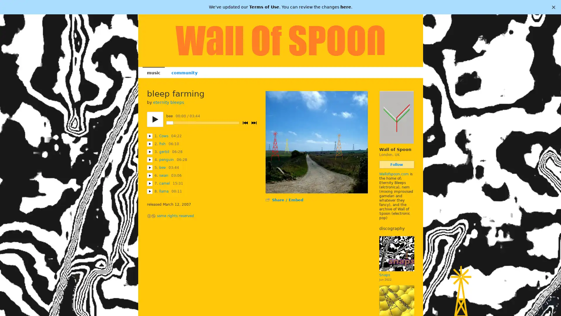 Image resolution: width=561 pixels, height=316 pixels. I want to click on Next track, so click(254, 123).